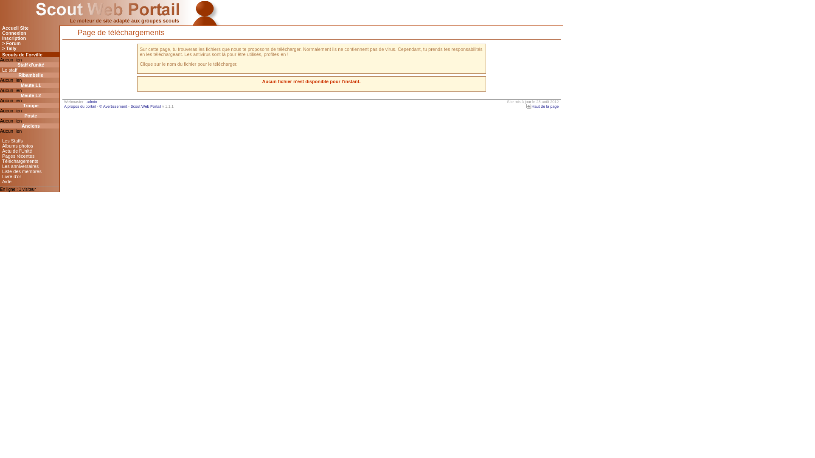 The image size is (815, 458). What do you see at coordinates (30, 166) in the screenshot?
I see `'Les anniversaires'` at bounding box center [30, 166].